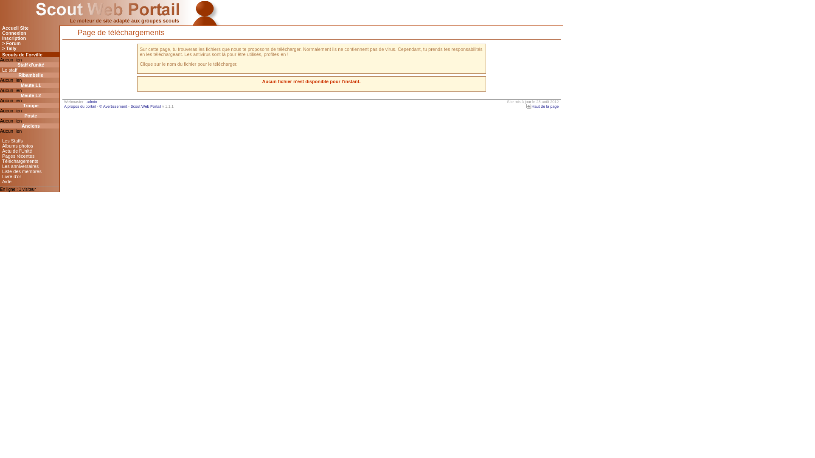 The image size is (815, 458). What do you see at coordinates (30, 166) in the screenshot?
I see `'Les anniversaires'` at bounding box center [30, 166].